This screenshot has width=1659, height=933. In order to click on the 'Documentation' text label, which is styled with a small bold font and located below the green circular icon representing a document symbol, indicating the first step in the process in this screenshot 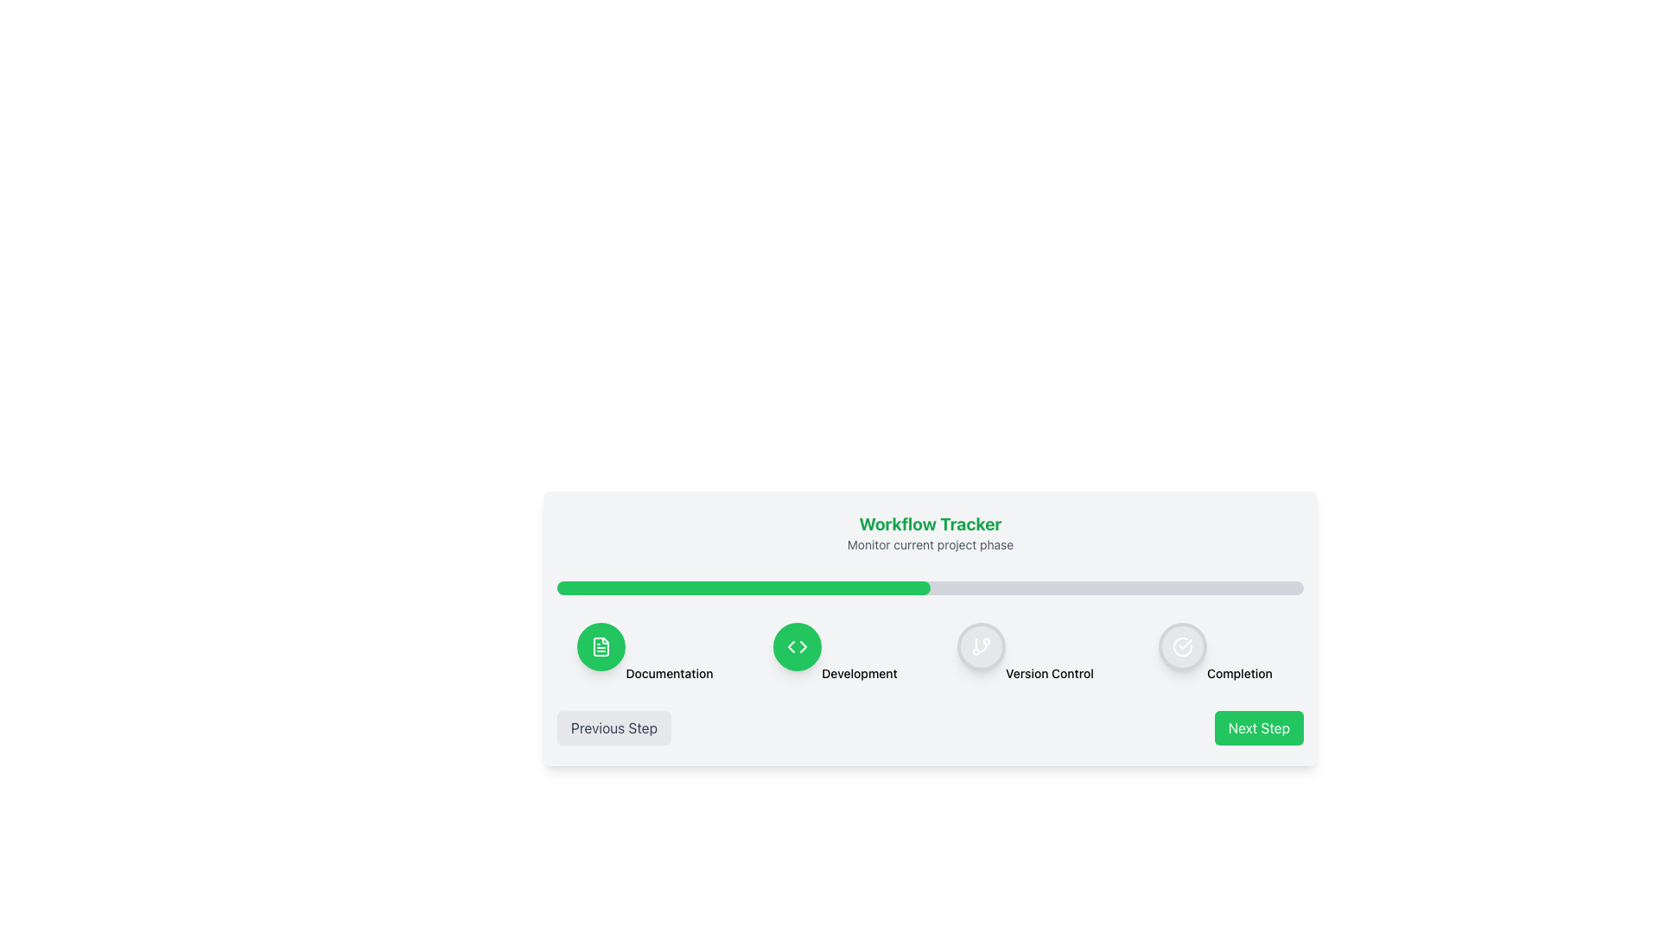, I will do `click(668, 672)`.